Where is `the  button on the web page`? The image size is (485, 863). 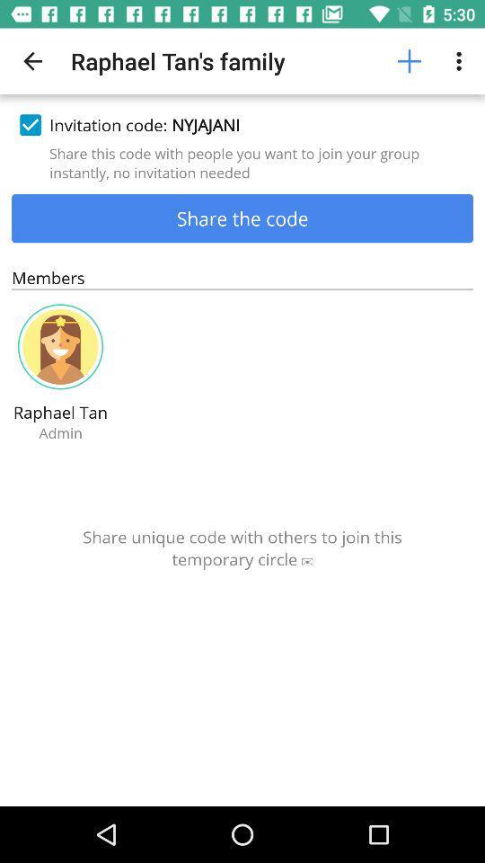 the  button on the web page is located at coordinates (410, 61).